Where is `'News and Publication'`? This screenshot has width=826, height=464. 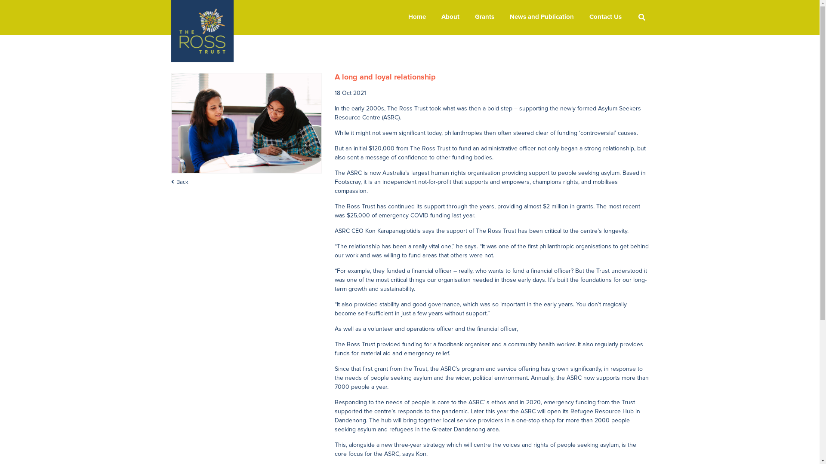
'News and Publication' is located at coordinates (541, 17).